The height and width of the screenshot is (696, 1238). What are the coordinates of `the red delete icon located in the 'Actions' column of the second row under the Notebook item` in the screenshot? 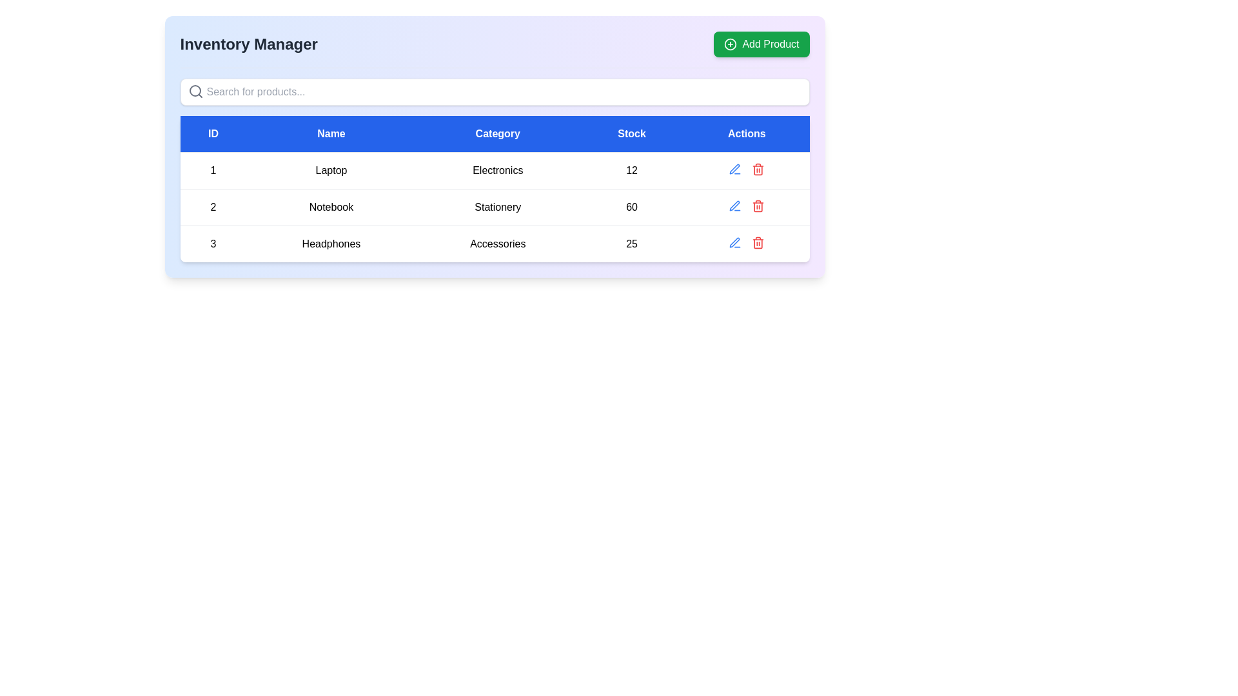 It's located at (747, 206).